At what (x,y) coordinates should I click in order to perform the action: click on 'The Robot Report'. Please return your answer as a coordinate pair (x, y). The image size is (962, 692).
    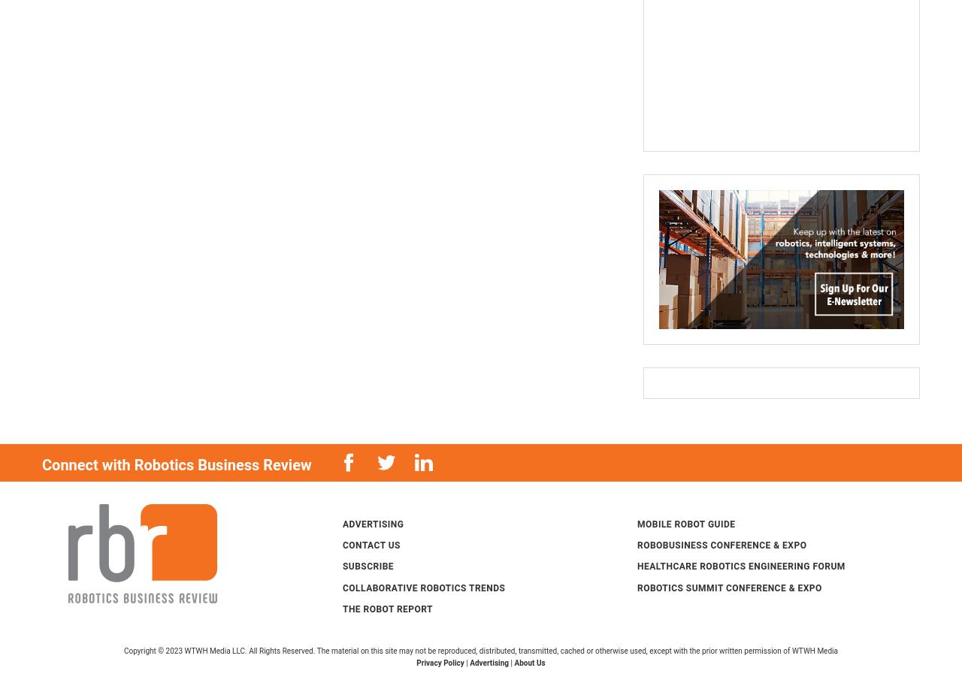
    Looking at the image, I should click on (387, 609).